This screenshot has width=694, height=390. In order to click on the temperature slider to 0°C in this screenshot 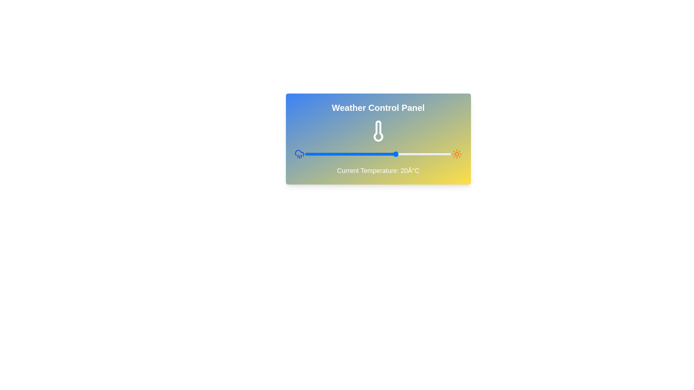, I will do `click(360, 154)`.